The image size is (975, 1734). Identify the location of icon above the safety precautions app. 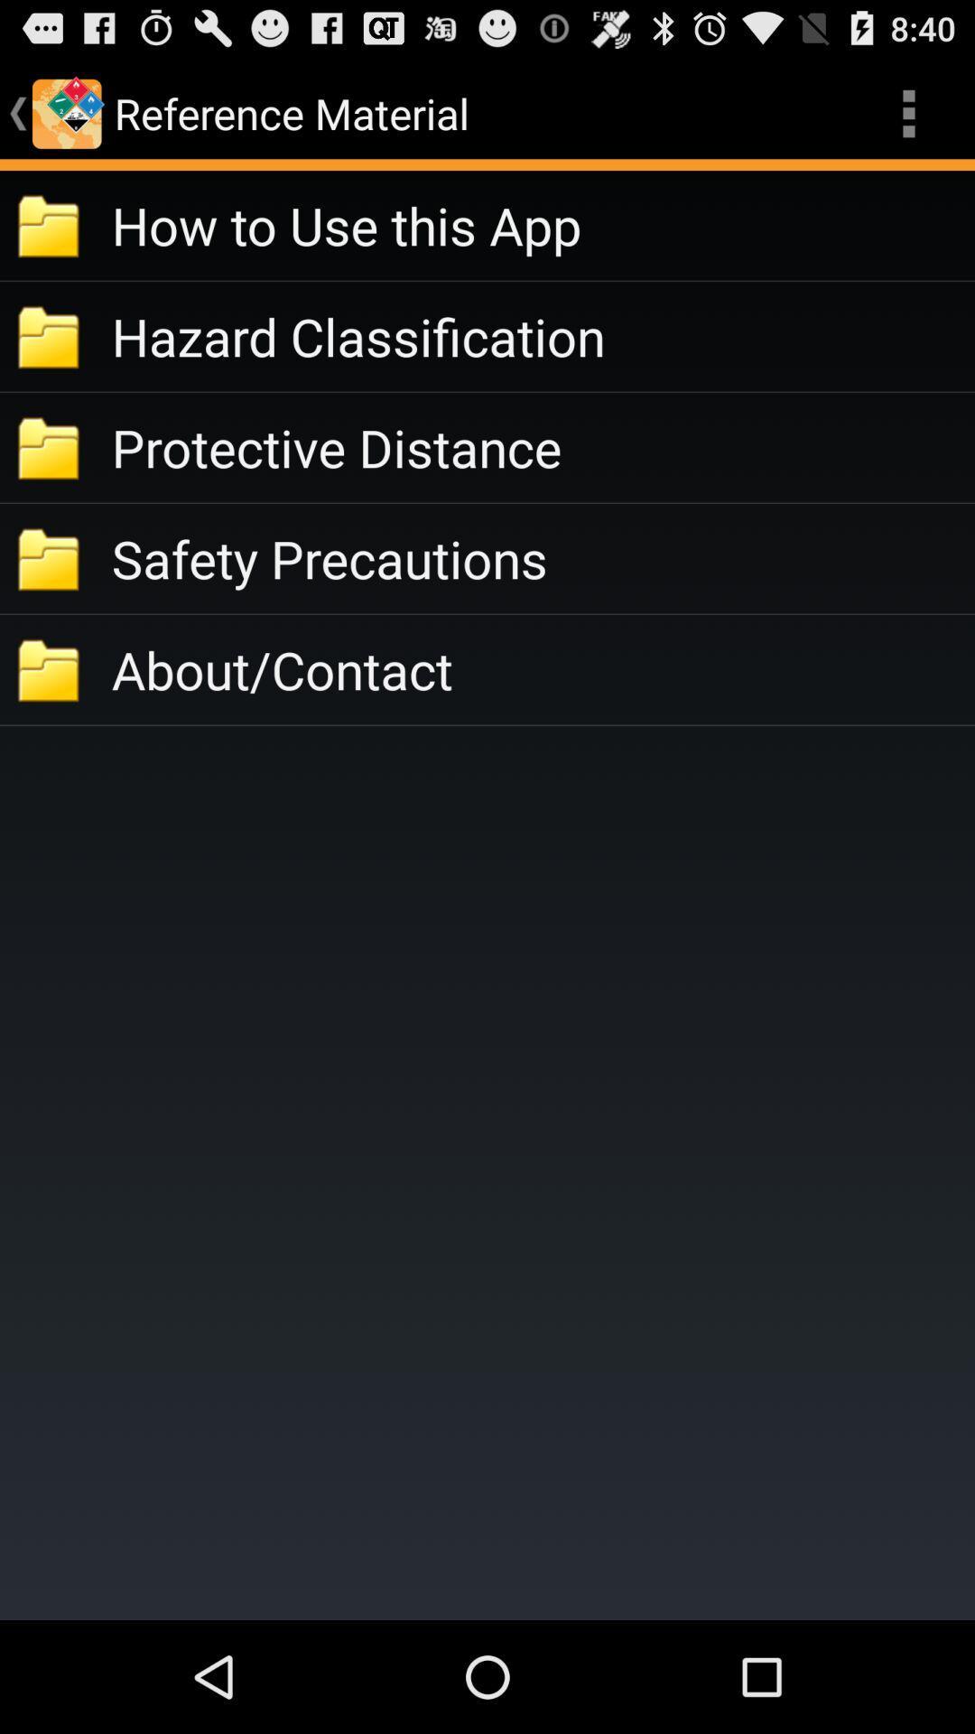
(542, 447).